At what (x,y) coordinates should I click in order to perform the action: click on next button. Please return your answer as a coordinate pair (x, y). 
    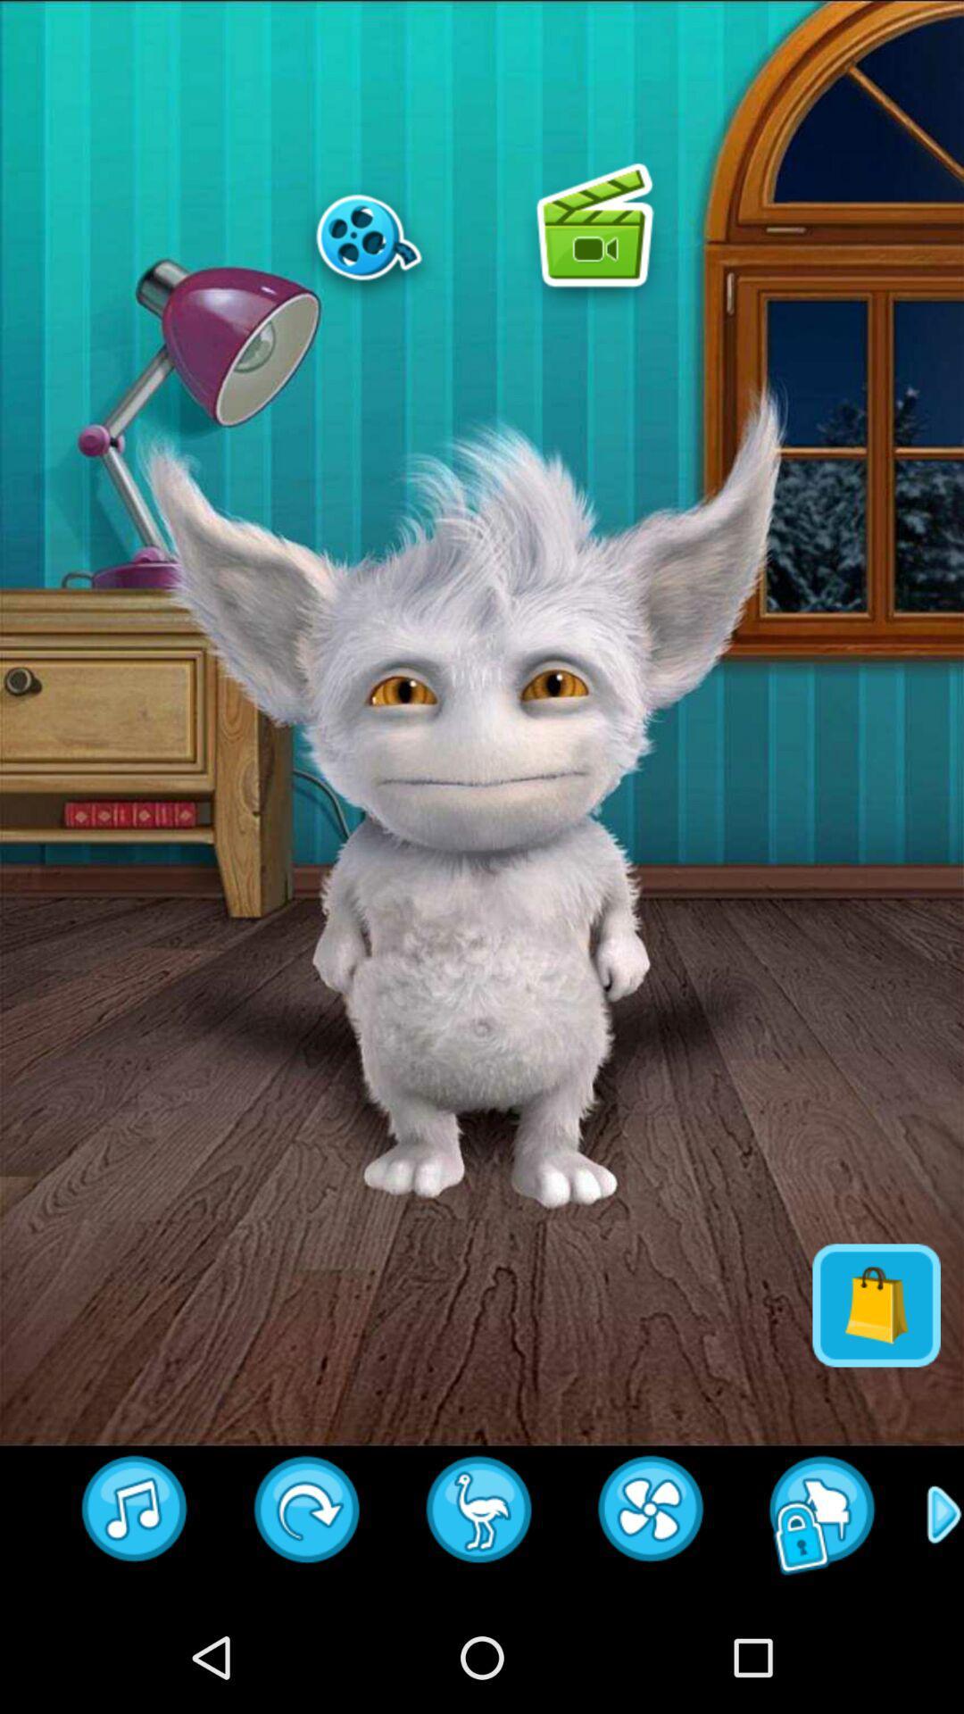
    Looking at the image, I should click on (306, 1514).